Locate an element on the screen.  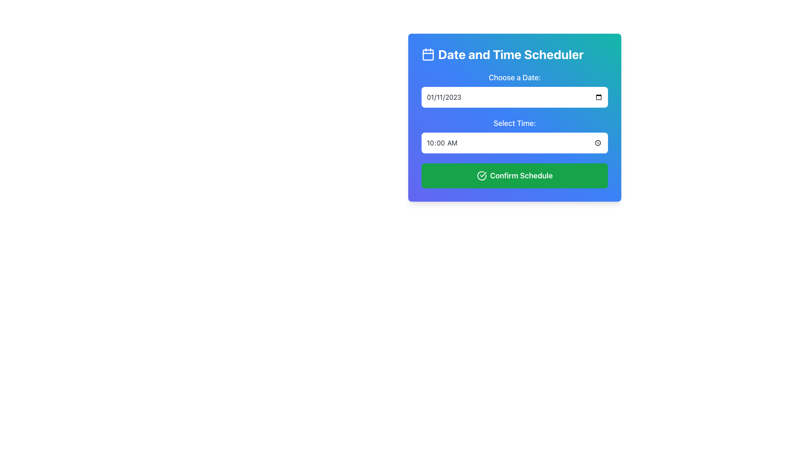
the rectangular green 'Confirm Schedule' button with a check mark icon to confirm the schedule is located at coordinates (514, 175).